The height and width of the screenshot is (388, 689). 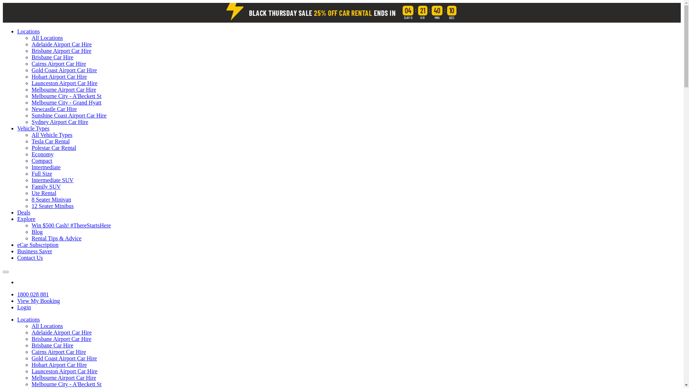 I want to click on 'All Vehicle Types', so click(x=51, y=135).